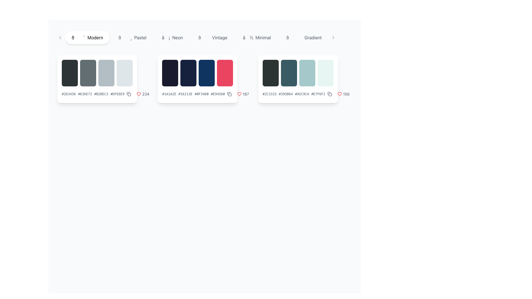 The width and height of the screenshot is (532, 299). Describe the element at coordinates (188, 73) in the screenshot. I see `the dark blue color swatch element, which is the second in a row of four color blocks within the second palette` at that location.